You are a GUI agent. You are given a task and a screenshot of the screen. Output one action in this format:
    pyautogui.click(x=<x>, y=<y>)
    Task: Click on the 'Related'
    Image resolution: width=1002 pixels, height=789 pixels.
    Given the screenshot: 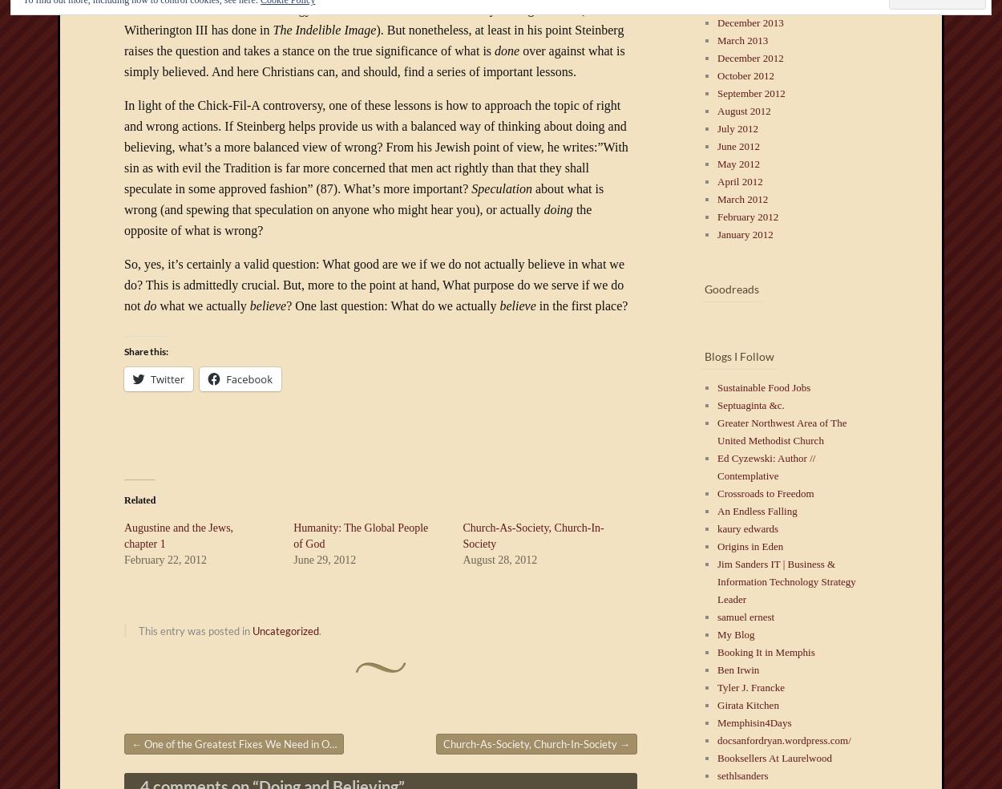 What is the action you would take?
    pyautogui.click(x=124, y=500)
    